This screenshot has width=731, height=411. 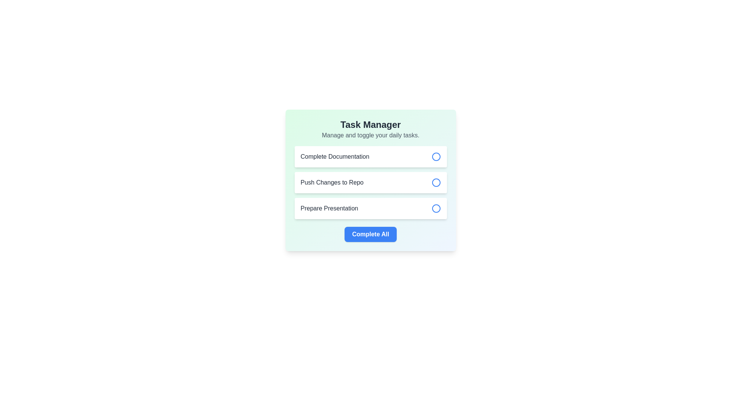 What do you see at coordinates (436, 182) in the screenshot?
I see `the circular radio button next to the 'Push Changes to Repo' list item` at bounding box center [436, 182].